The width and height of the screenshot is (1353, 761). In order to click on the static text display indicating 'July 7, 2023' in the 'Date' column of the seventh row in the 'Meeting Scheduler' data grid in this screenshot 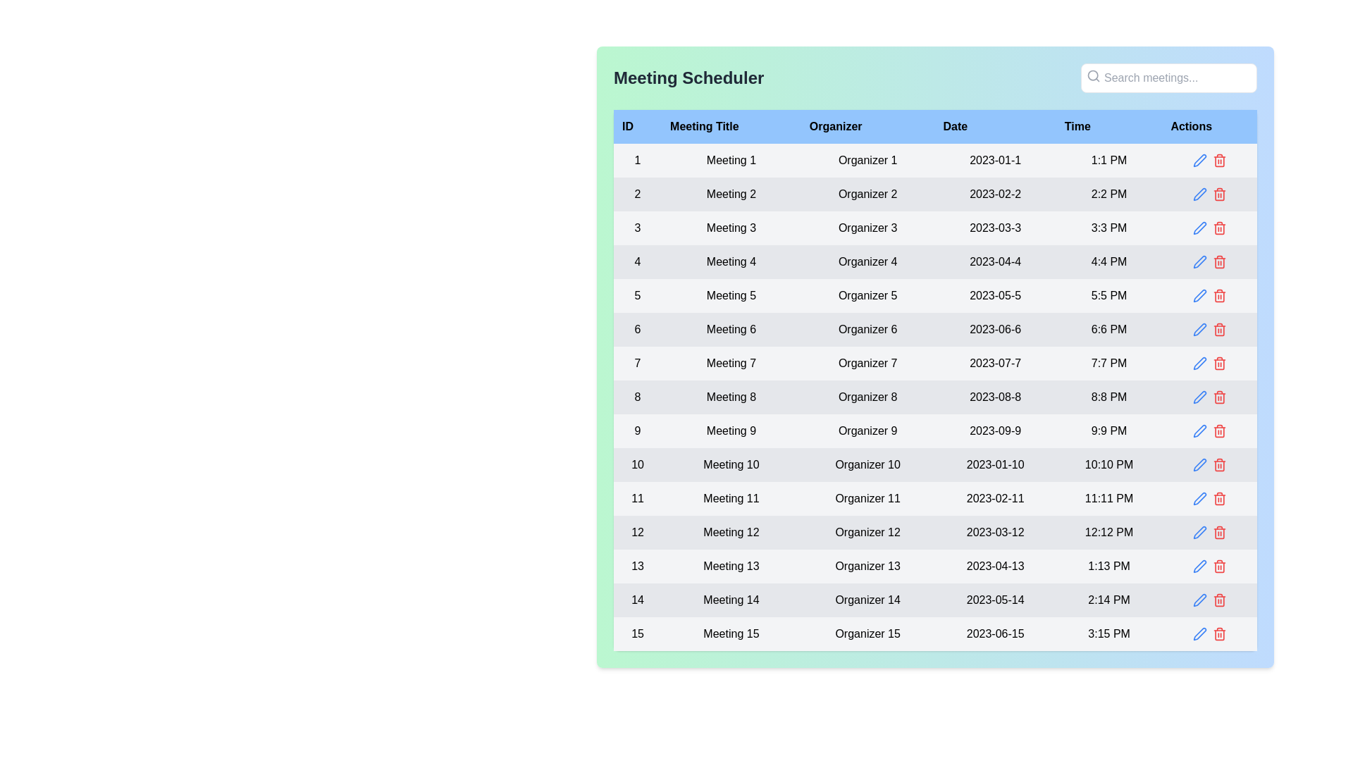, I will do `click(994, 363)`.